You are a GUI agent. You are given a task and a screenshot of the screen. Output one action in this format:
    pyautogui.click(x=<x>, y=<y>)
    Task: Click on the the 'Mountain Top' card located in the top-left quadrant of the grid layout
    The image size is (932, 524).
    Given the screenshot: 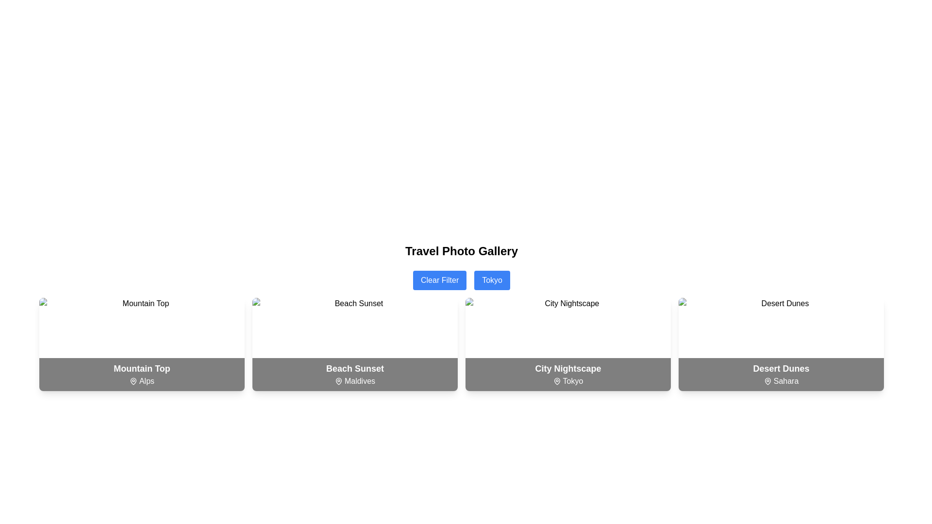 What is the action you would take?
    pyautogui.click(x=141, y=344)
    